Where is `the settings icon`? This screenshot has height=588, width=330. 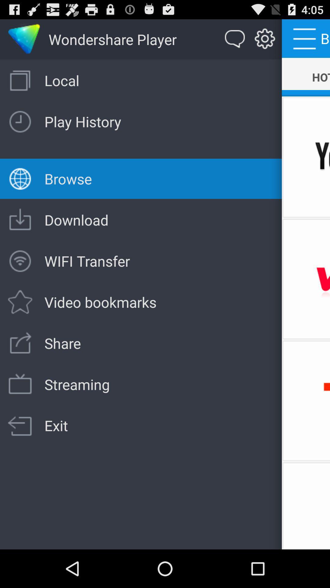 the settings icon is located at coordinates (265, 42).